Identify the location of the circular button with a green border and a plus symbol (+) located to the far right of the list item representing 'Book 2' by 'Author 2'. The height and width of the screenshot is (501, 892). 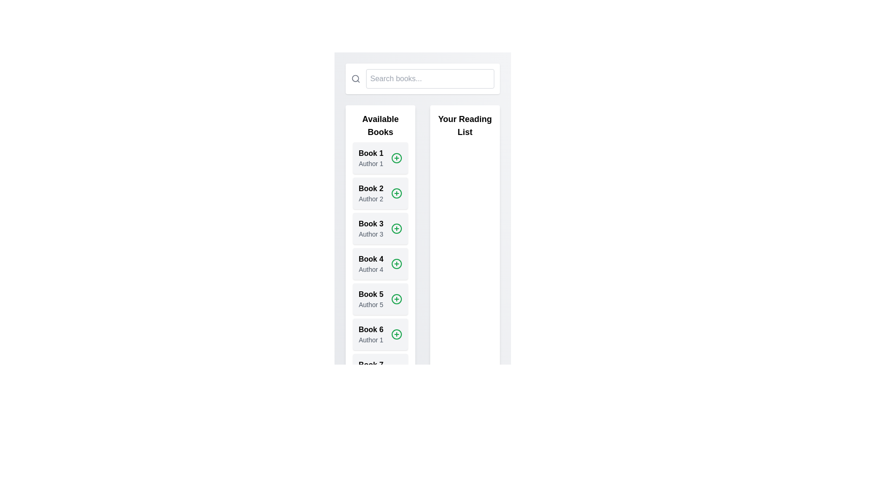
(397, 193).